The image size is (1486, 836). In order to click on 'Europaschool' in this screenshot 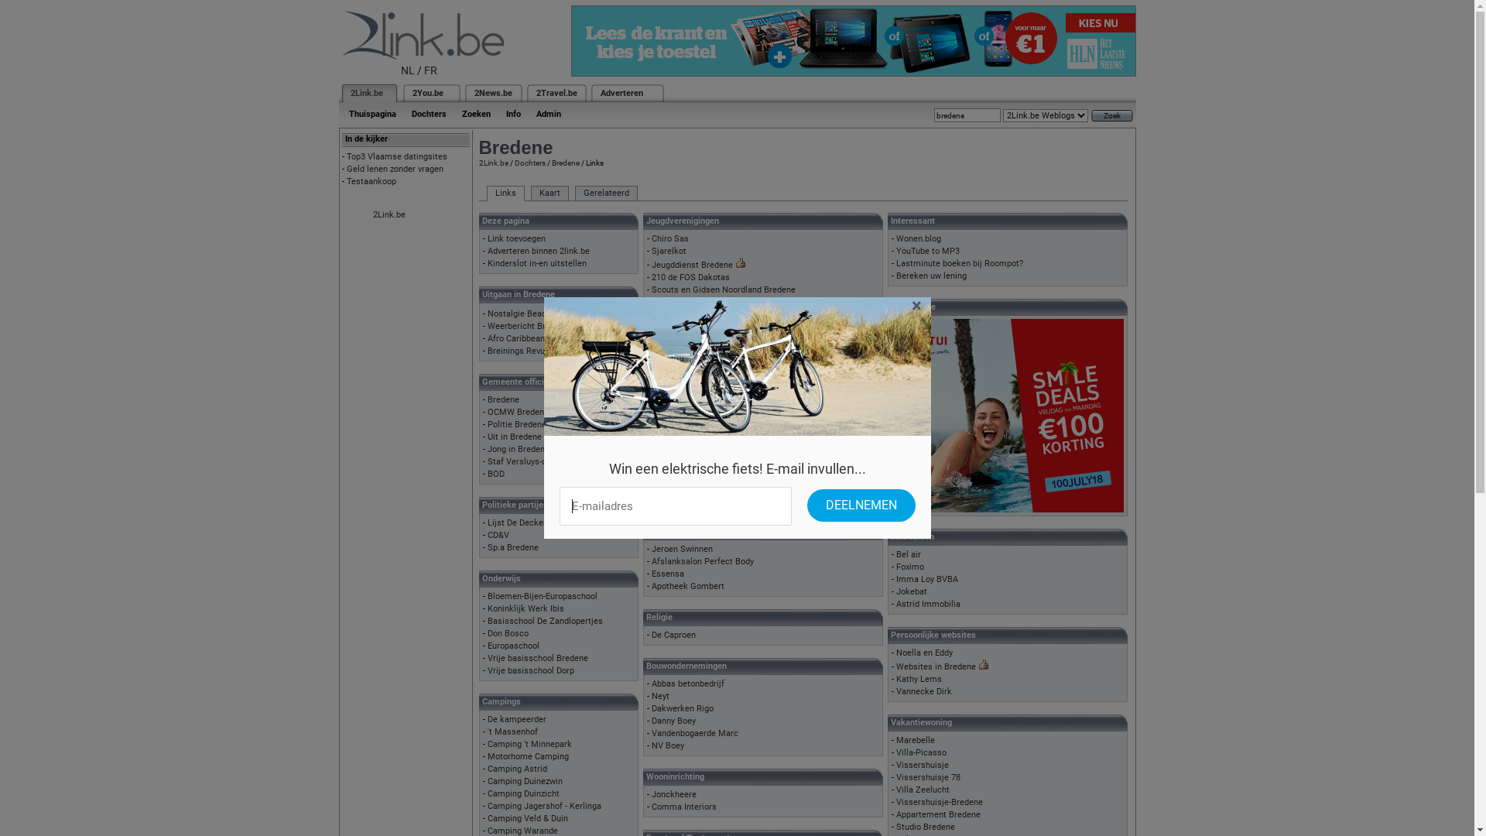, I will do `click(486, 646)`.